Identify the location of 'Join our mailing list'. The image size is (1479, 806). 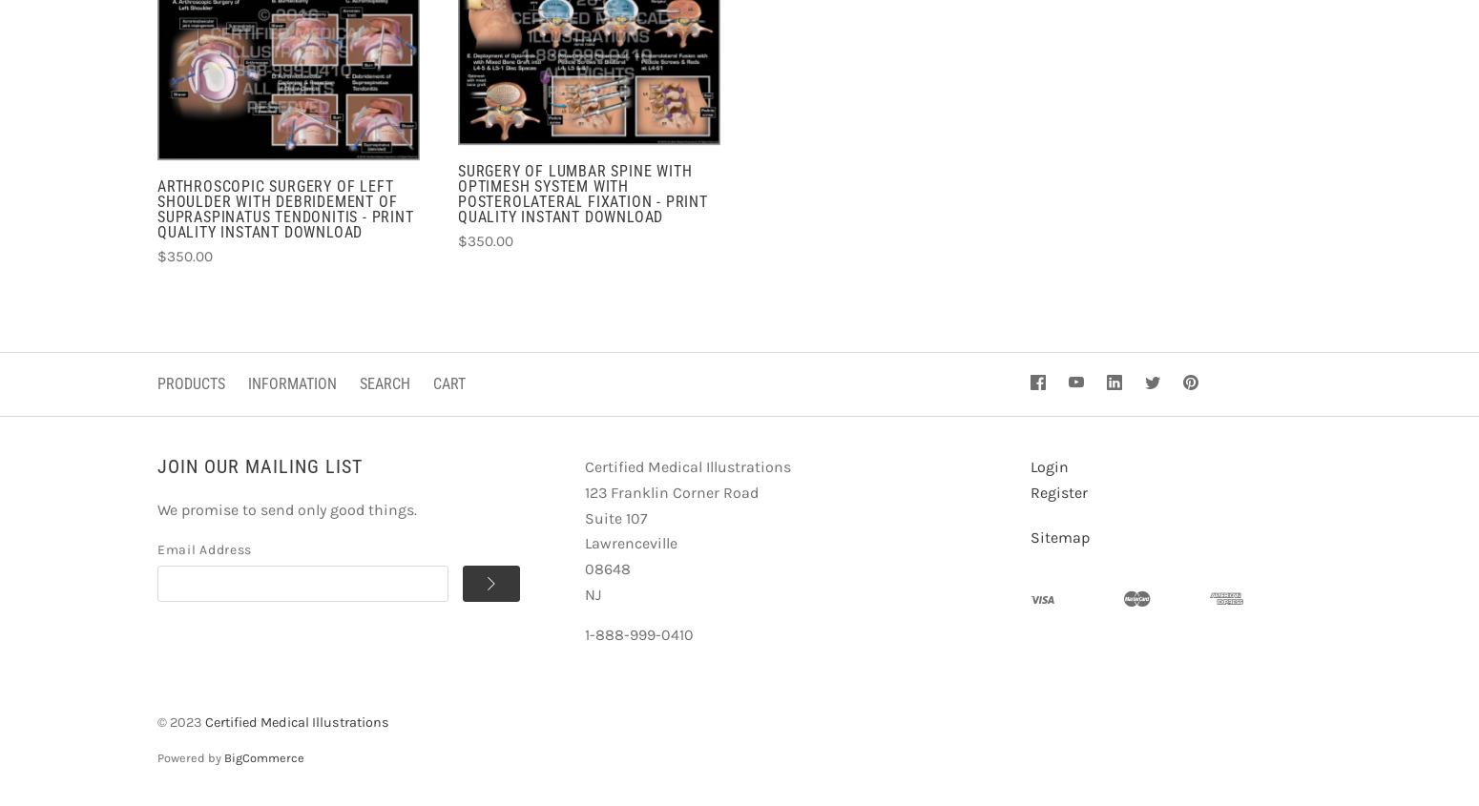
(156, 466).